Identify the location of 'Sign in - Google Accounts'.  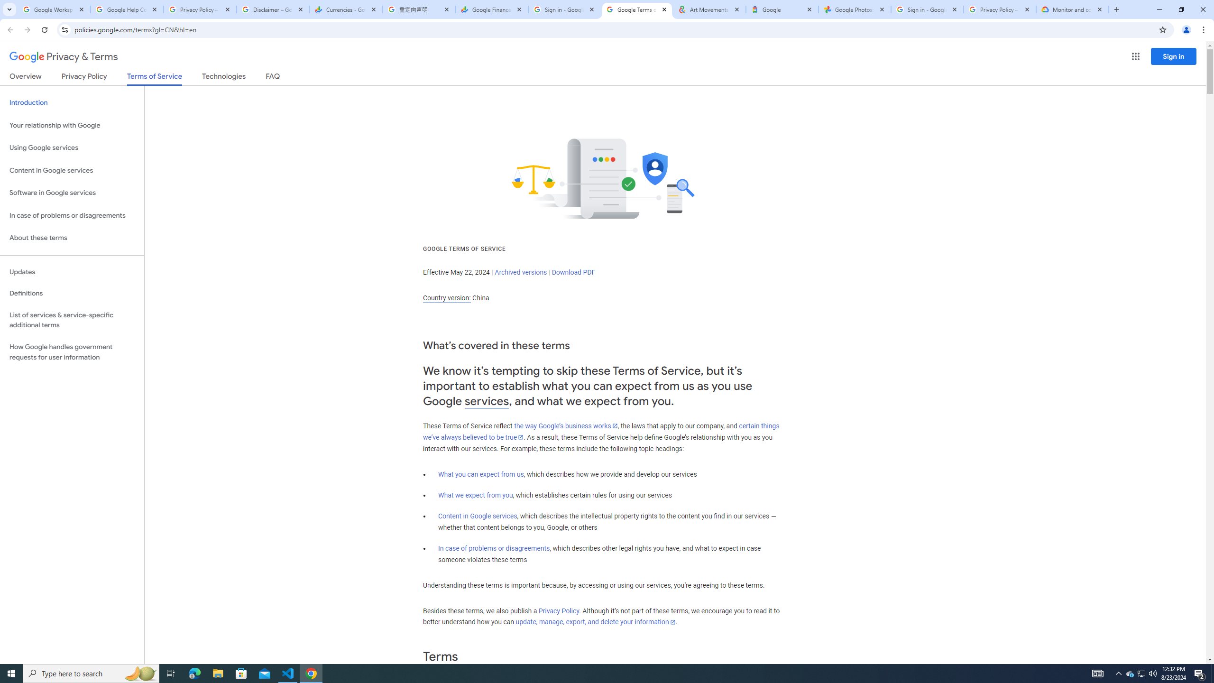
(926, 9).